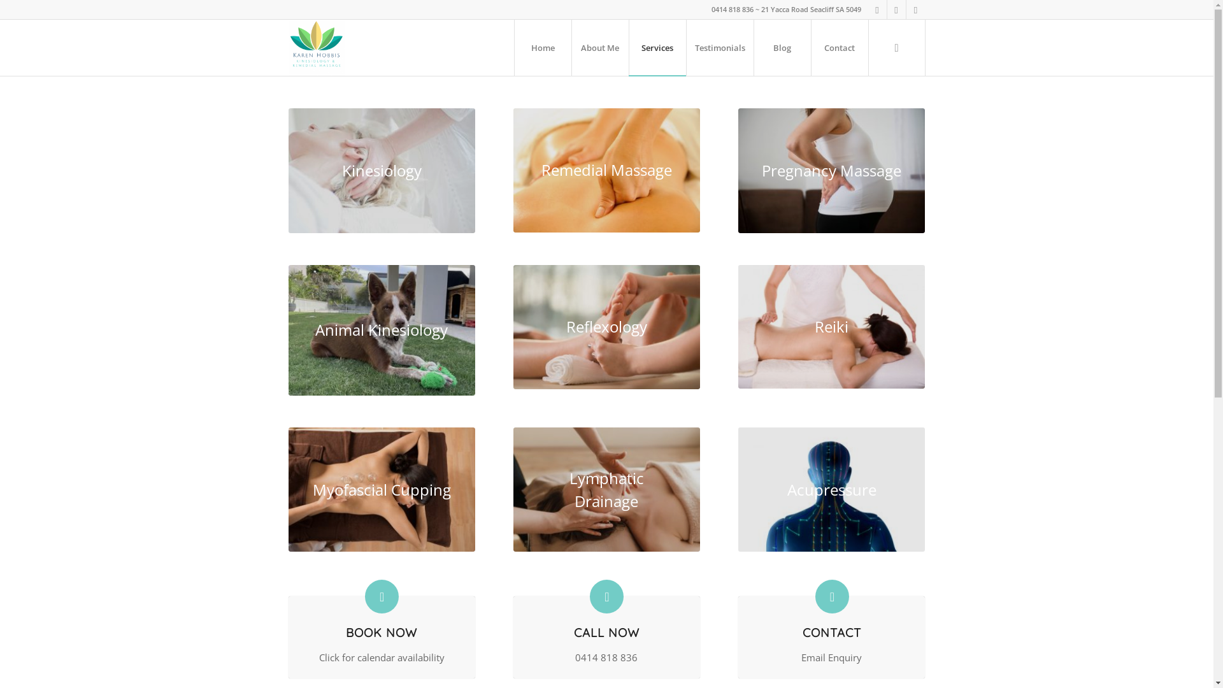 This screenshot has height=688, width=1223. Describe the element at coordinates (831, 326) in the screenshot. I see `'Reiki'` at that location.